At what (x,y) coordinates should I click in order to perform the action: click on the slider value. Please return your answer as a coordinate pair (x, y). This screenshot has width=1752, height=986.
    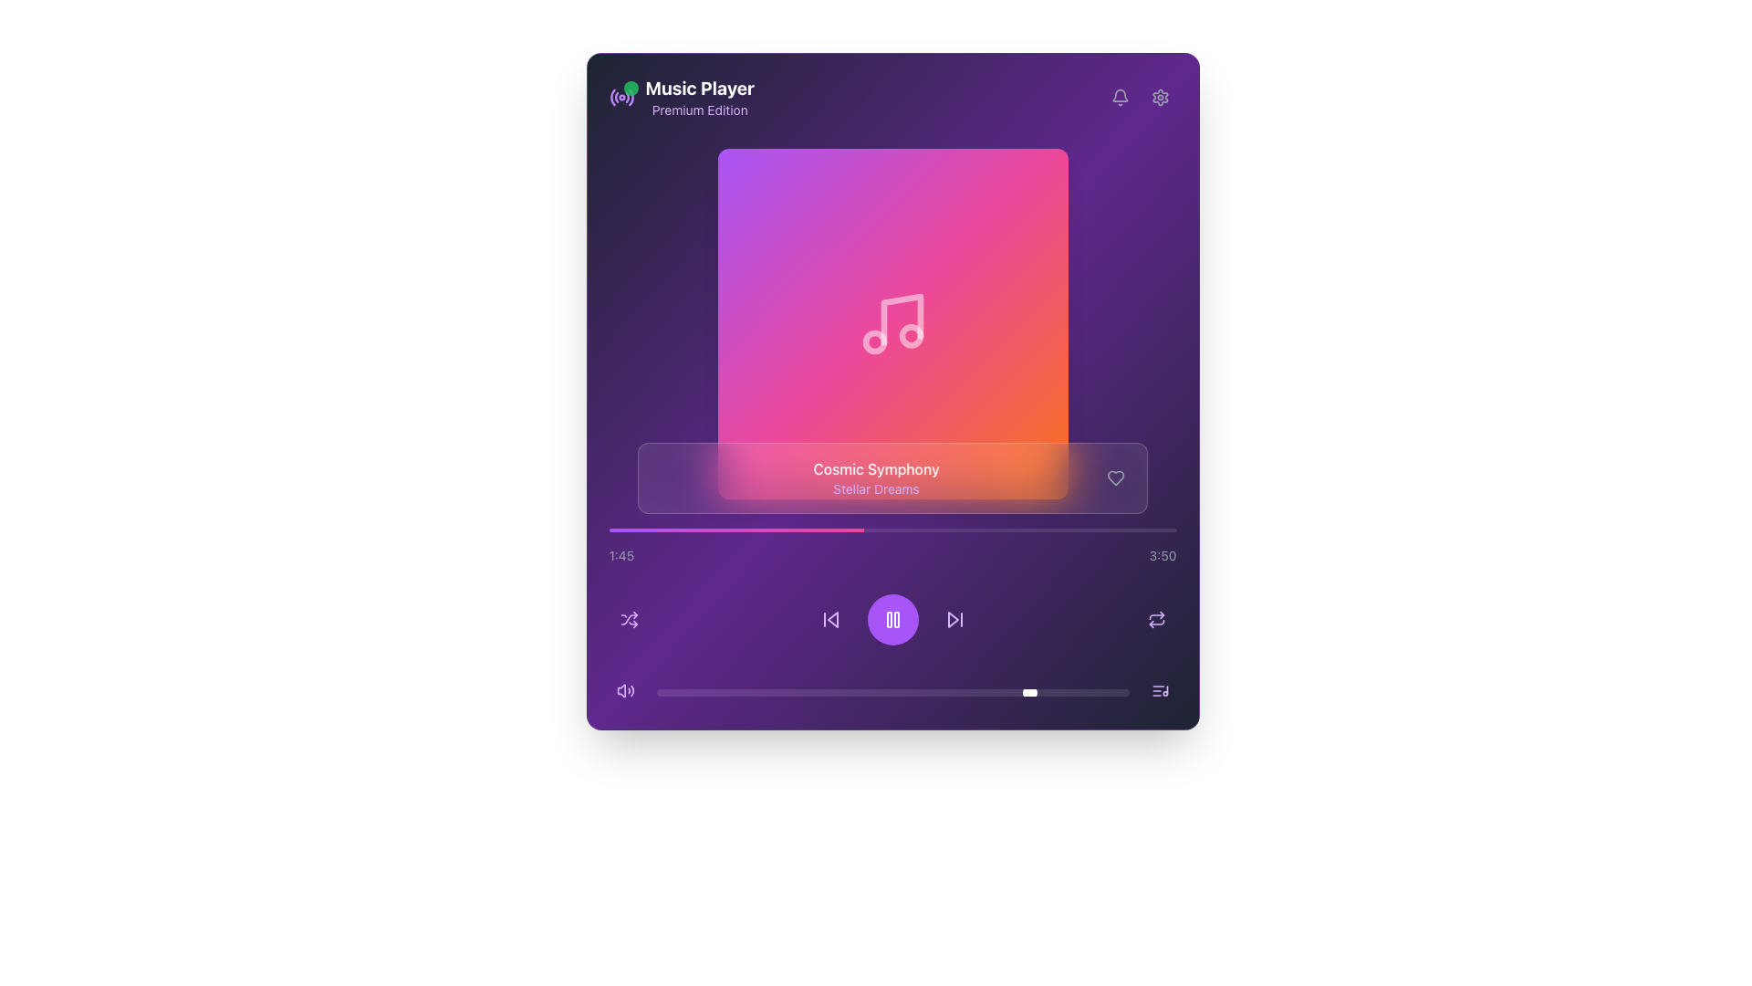
    Looking at the image, I should click on (1081, 693).